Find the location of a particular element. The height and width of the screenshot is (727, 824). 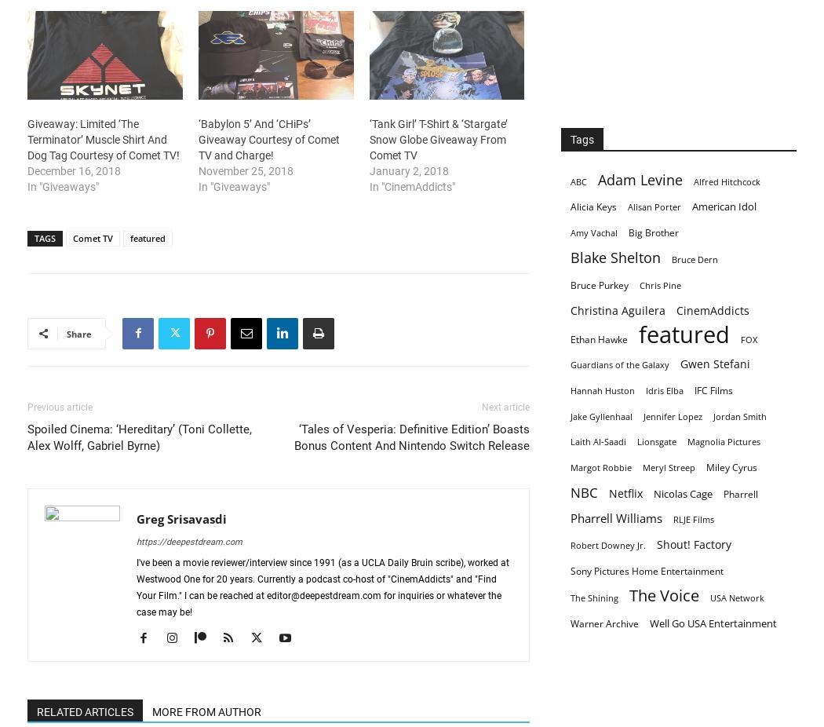

'American Idol' is located at coordinates (724, 206).